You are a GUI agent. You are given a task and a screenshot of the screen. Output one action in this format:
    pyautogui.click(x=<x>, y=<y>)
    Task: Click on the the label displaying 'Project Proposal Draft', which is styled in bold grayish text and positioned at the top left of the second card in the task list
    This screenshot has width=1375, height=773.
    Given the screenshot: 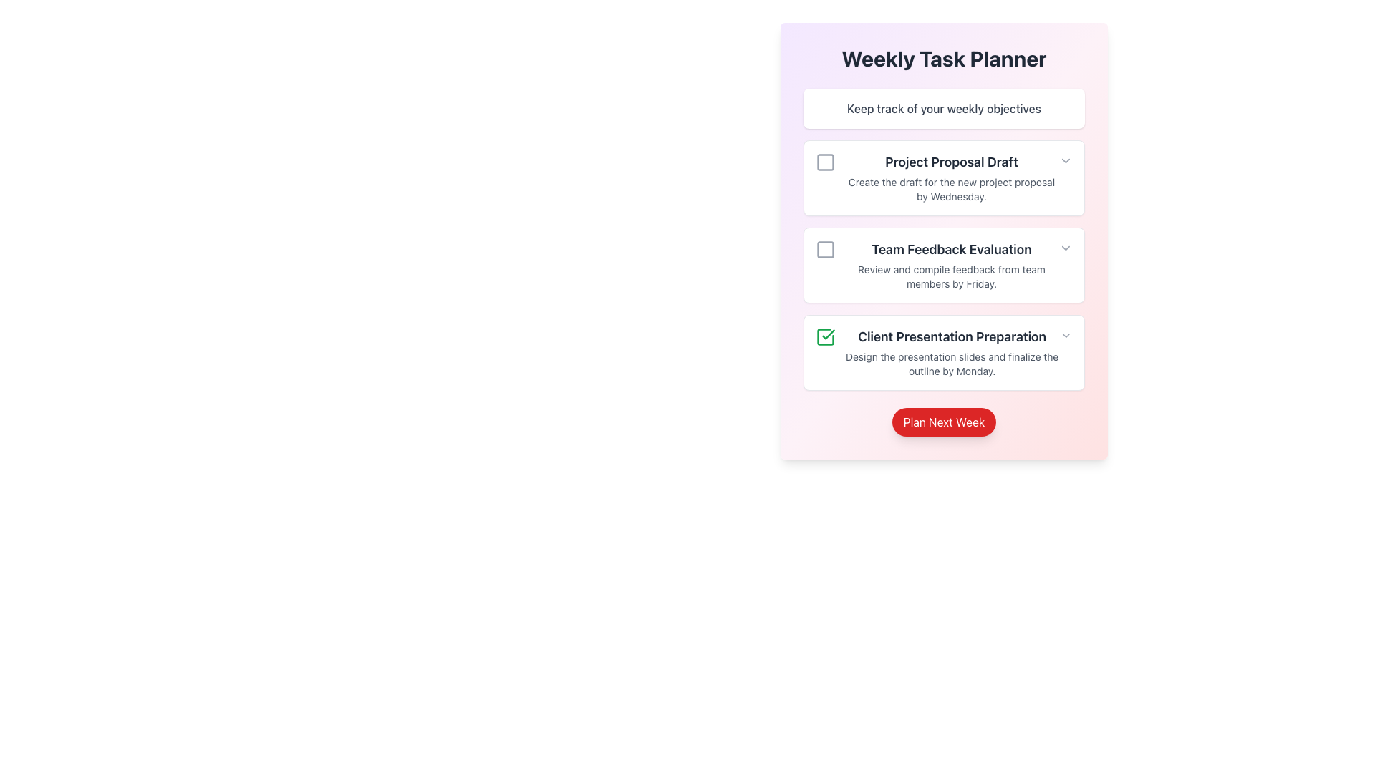 What is the action you would take?
    pyautogui.click(x=952, y=162)
    